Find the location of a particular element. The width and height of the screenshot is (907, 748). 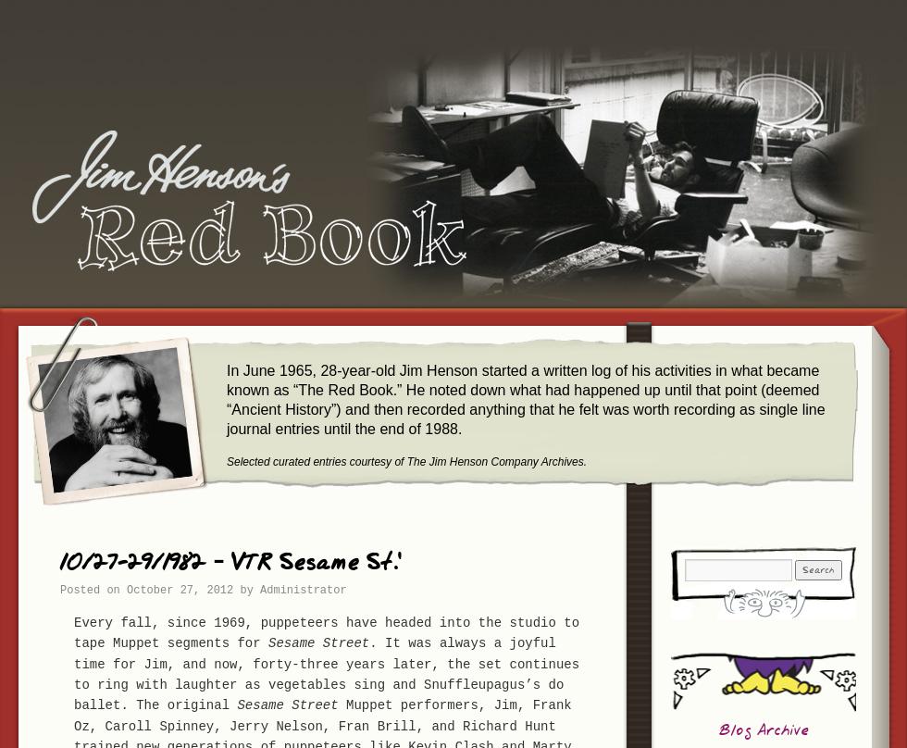

'Administrator' is located at coordinates (303, 590).